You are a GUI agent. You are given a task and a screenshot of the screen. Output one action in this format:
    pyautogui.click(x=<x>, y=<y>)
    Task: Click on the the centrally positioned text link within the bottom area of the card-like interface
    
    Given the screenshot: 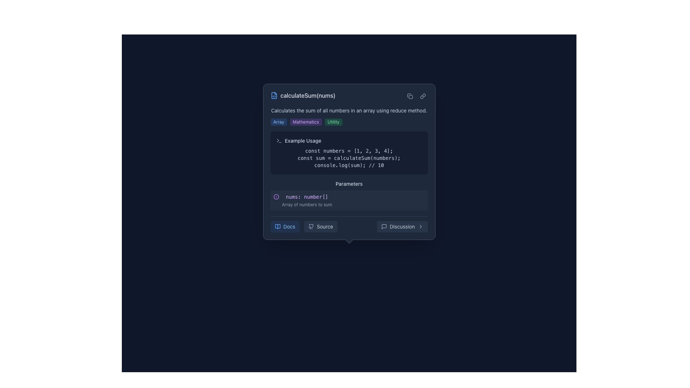 What is the action you would take?
    pyautogui.click(x=289, y=227)
    